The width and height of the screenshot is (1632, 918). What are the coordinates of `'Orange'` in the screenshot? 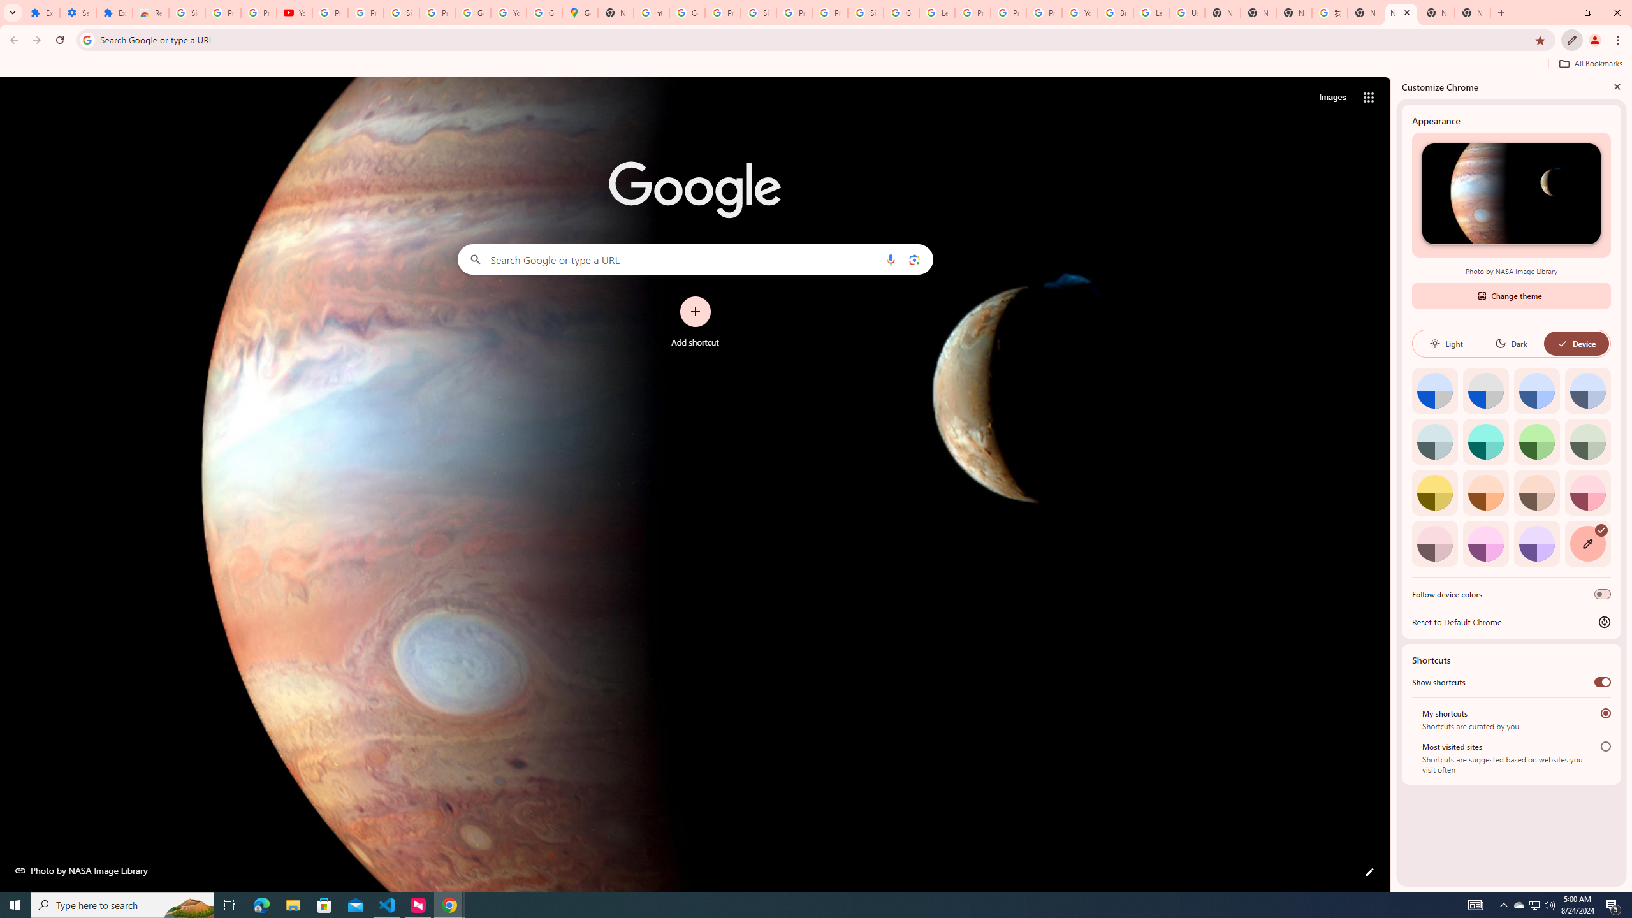 It's located at (1485, 492).